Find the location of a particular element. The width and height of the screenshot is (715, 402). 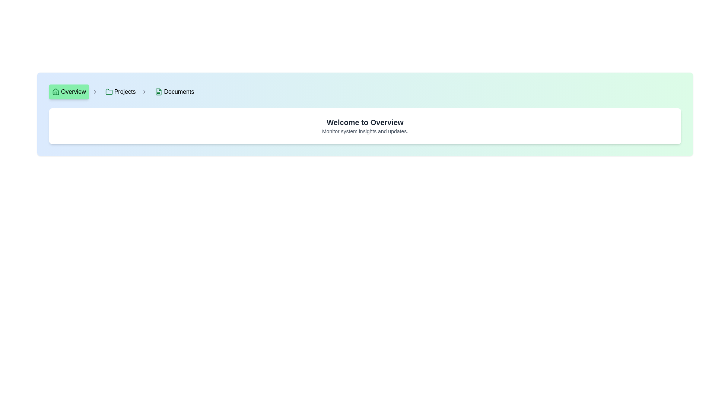

the navigation button for accessing the 'Overview' section of the application, which is the first item in the top navigation bar is located at coordinates (73, 91).